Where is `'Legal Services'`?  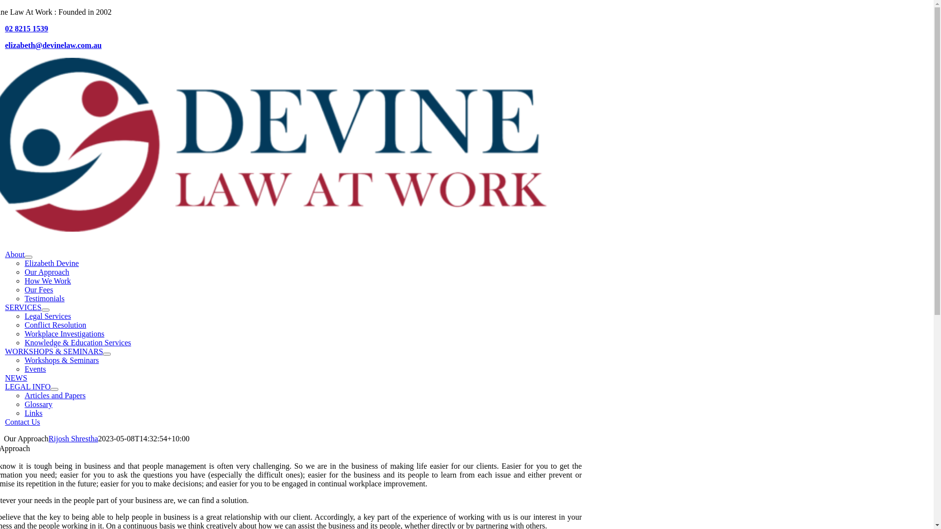
'Legal Services' is located at coordinates (47, 316).